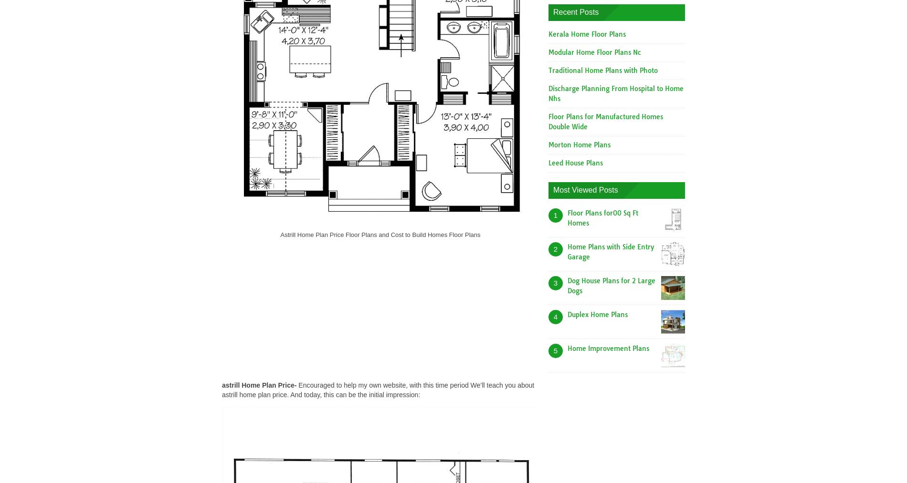 This screenshot has height=483, width=907. Describe the element at coordinates (259, 384) in the screenshot. I see `'astrill Home Plan Price-'` at that location.